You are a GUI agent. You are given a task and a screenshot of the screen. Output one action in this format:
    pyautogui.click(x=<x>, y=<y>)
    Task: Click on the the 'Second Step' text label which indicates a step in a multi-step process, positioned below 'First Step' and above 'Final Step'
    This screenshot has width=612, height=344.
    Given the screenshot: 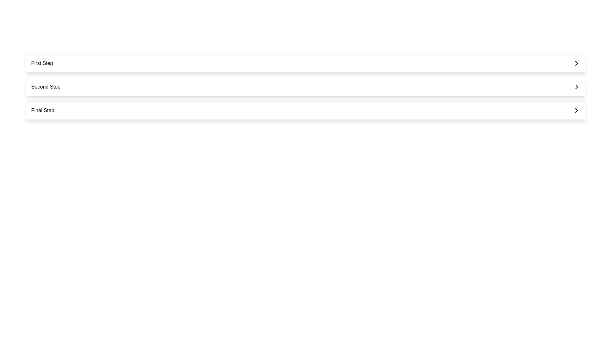 What is the action you would take?
    pyautogui.click(x=45, y=87)
    